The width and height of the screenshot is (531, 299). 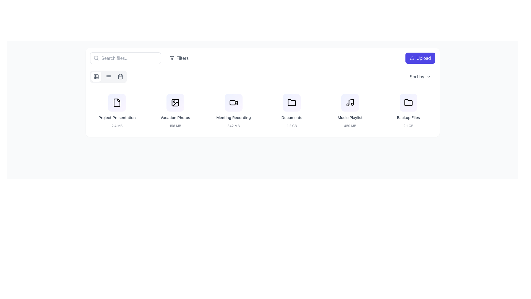 I want to click on the square icon with rounded corners featuring a gradient from light indigo to light purple and a picture frame graphic, located at the top center of the 'Vacation Photos 156 MB' card layout, so click(x=175, y=102).